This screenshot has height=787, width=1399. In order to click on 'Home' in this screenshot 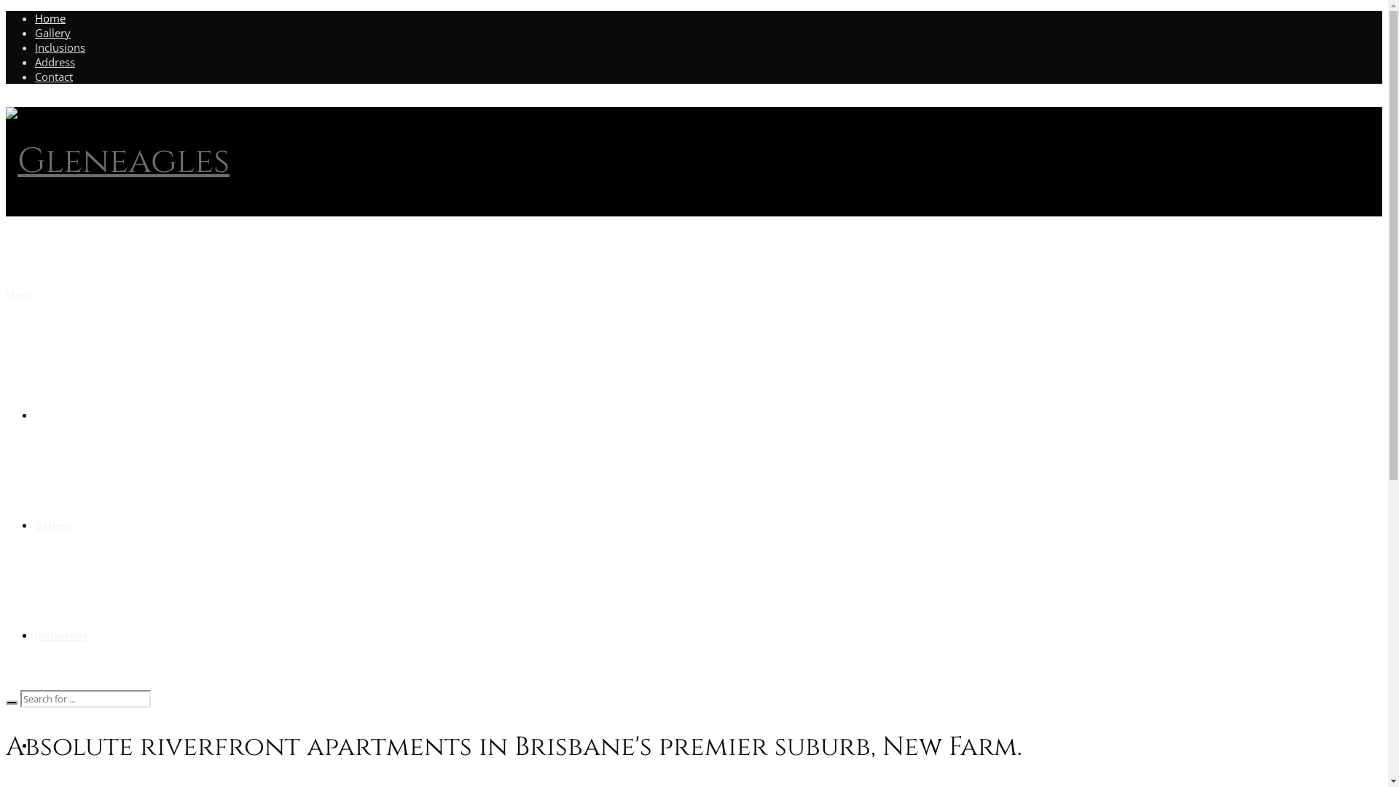, I will do `click(35, 17)`.